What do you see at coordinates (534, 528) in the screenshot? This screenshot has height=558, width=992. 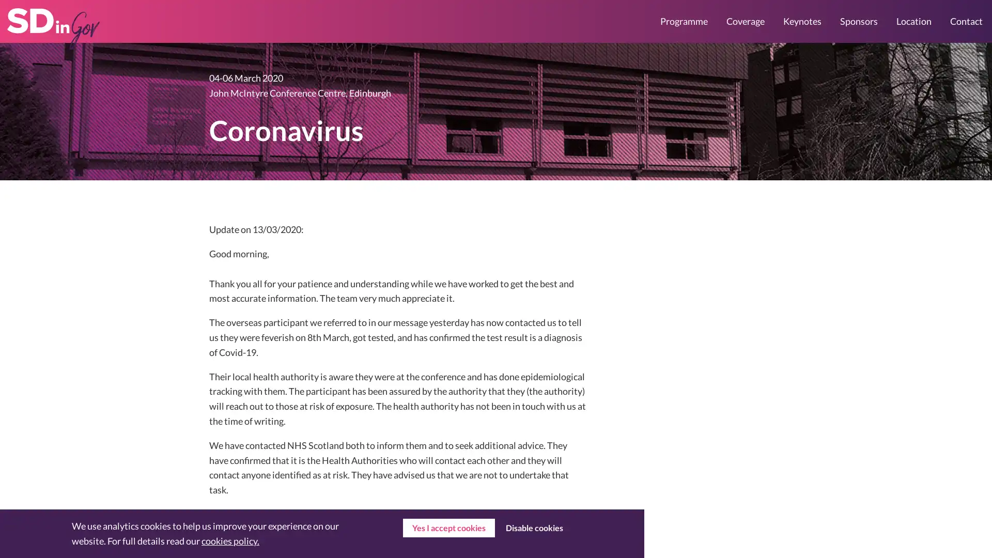 I see `Disable cookies` at bounding box center [534, 528].